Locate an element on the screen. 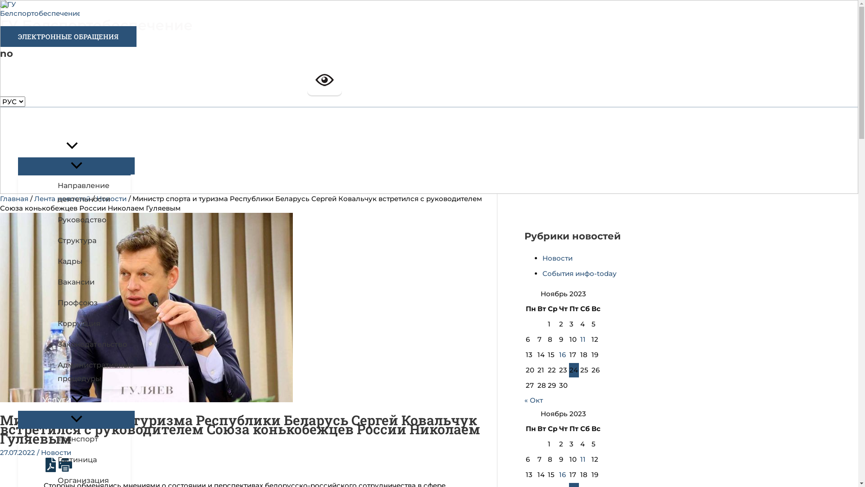 The height and width of the screenshot is (487, 865). '16' is located at coordinates (562, 474).